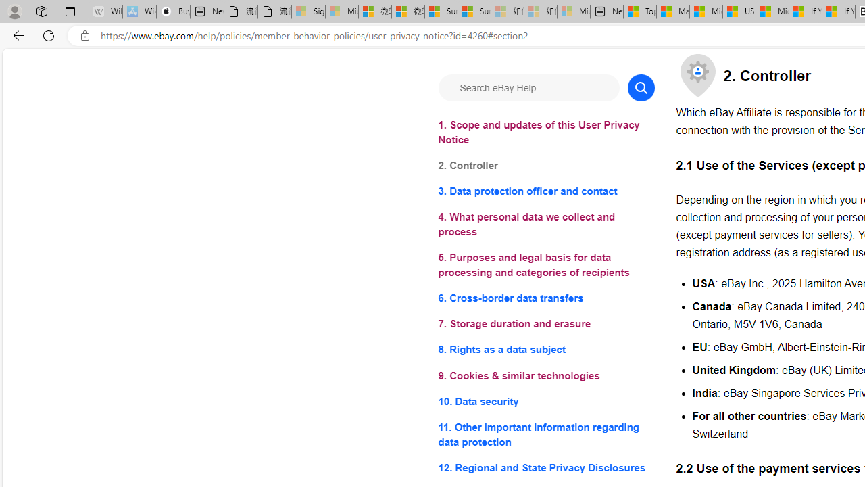 Image resolution: width=865 pixels, height=487 pixels. Describe the element at coordinates (546, 298) in the screenshot. I see `'6. Cross-border data transfers'` at that location.